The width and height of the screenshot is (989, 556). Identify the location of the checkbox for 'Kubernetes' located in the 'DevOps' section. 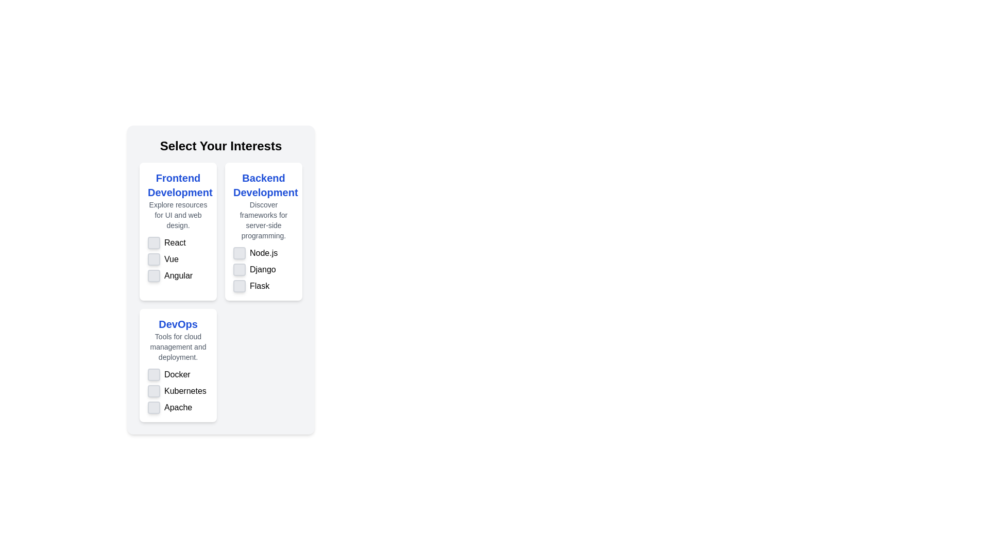
(153, 391).